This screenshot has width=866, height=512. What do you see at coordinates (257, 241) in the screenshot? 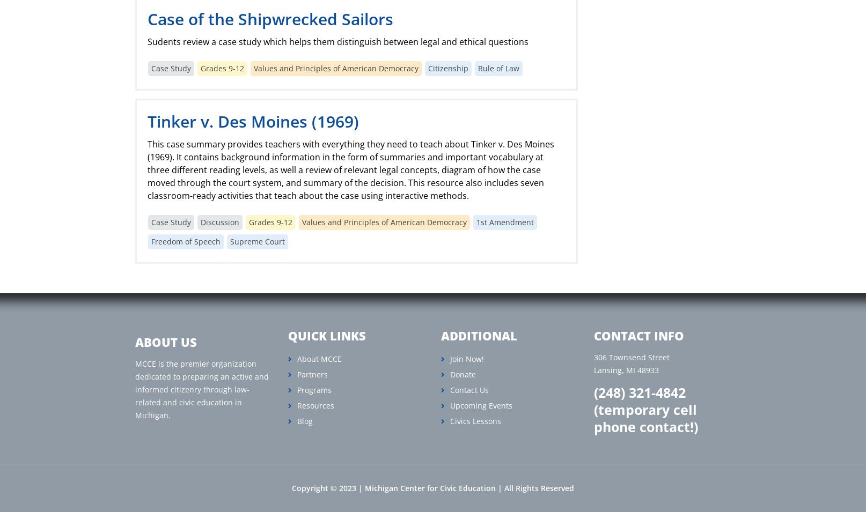
I see `'Supreme Court'` at bounding box center [257, 241].